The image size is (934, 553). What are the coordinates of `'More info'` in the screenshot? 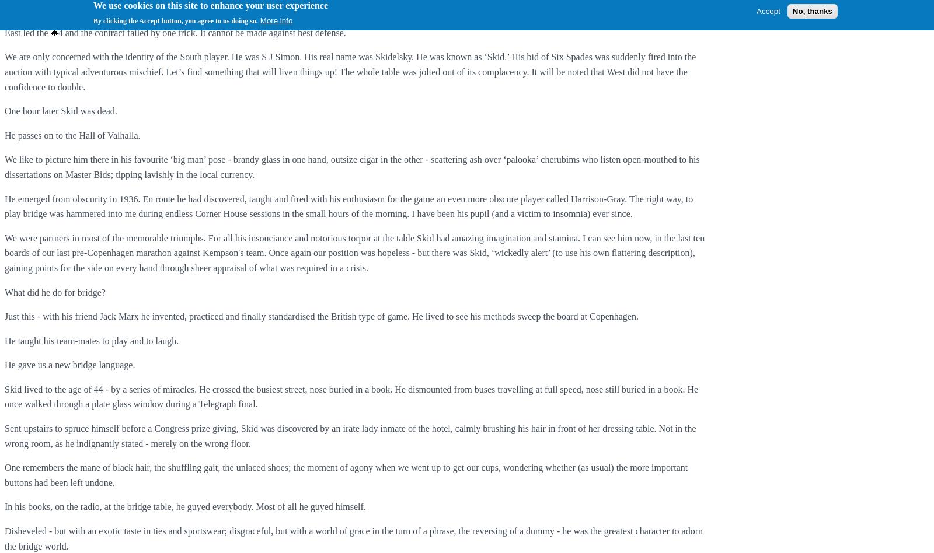 It's located at (275, 20).